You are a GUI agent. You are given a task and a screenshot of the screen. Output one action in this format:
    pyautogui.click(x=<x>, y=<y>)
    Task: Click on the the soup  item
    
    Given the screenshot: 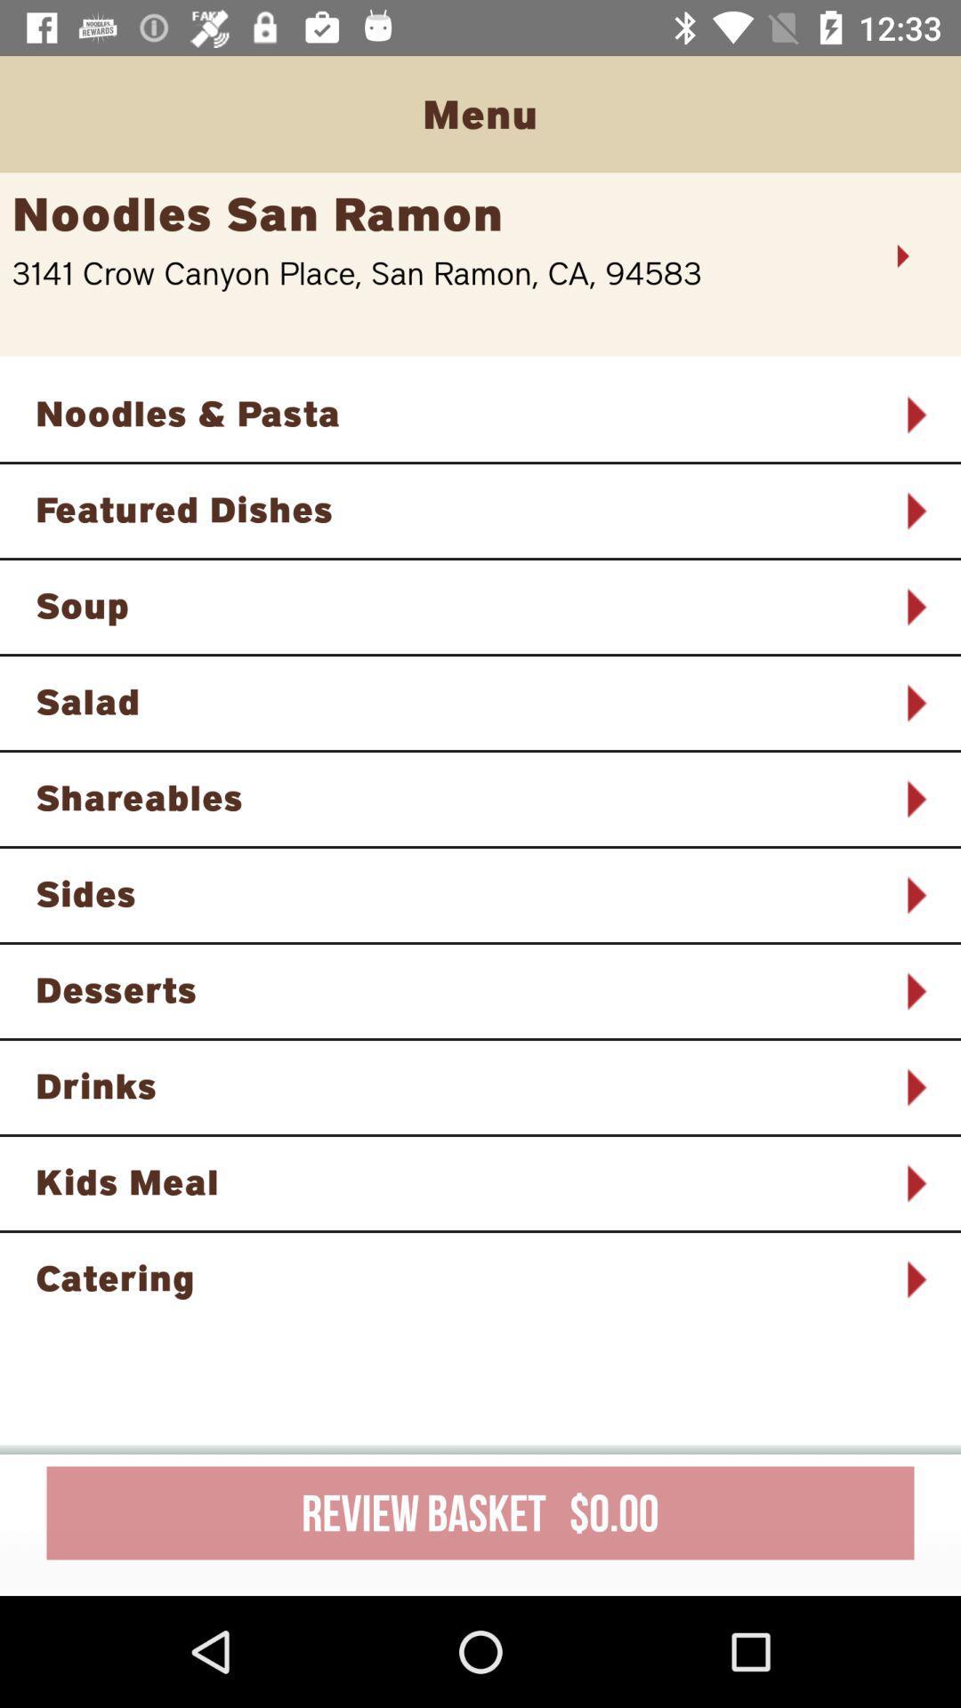 What is the action you would take?
    pyautogui.click(x=456, y=605)
    